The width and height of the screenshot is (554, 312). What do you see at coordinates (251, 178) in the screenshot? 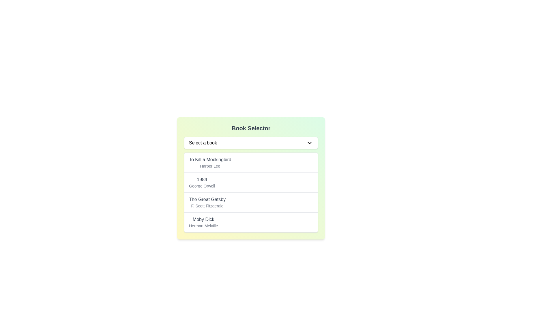
I see `the second list item in the book selection dropdown that represents the book '1984'` at bounding box center [251, 178].